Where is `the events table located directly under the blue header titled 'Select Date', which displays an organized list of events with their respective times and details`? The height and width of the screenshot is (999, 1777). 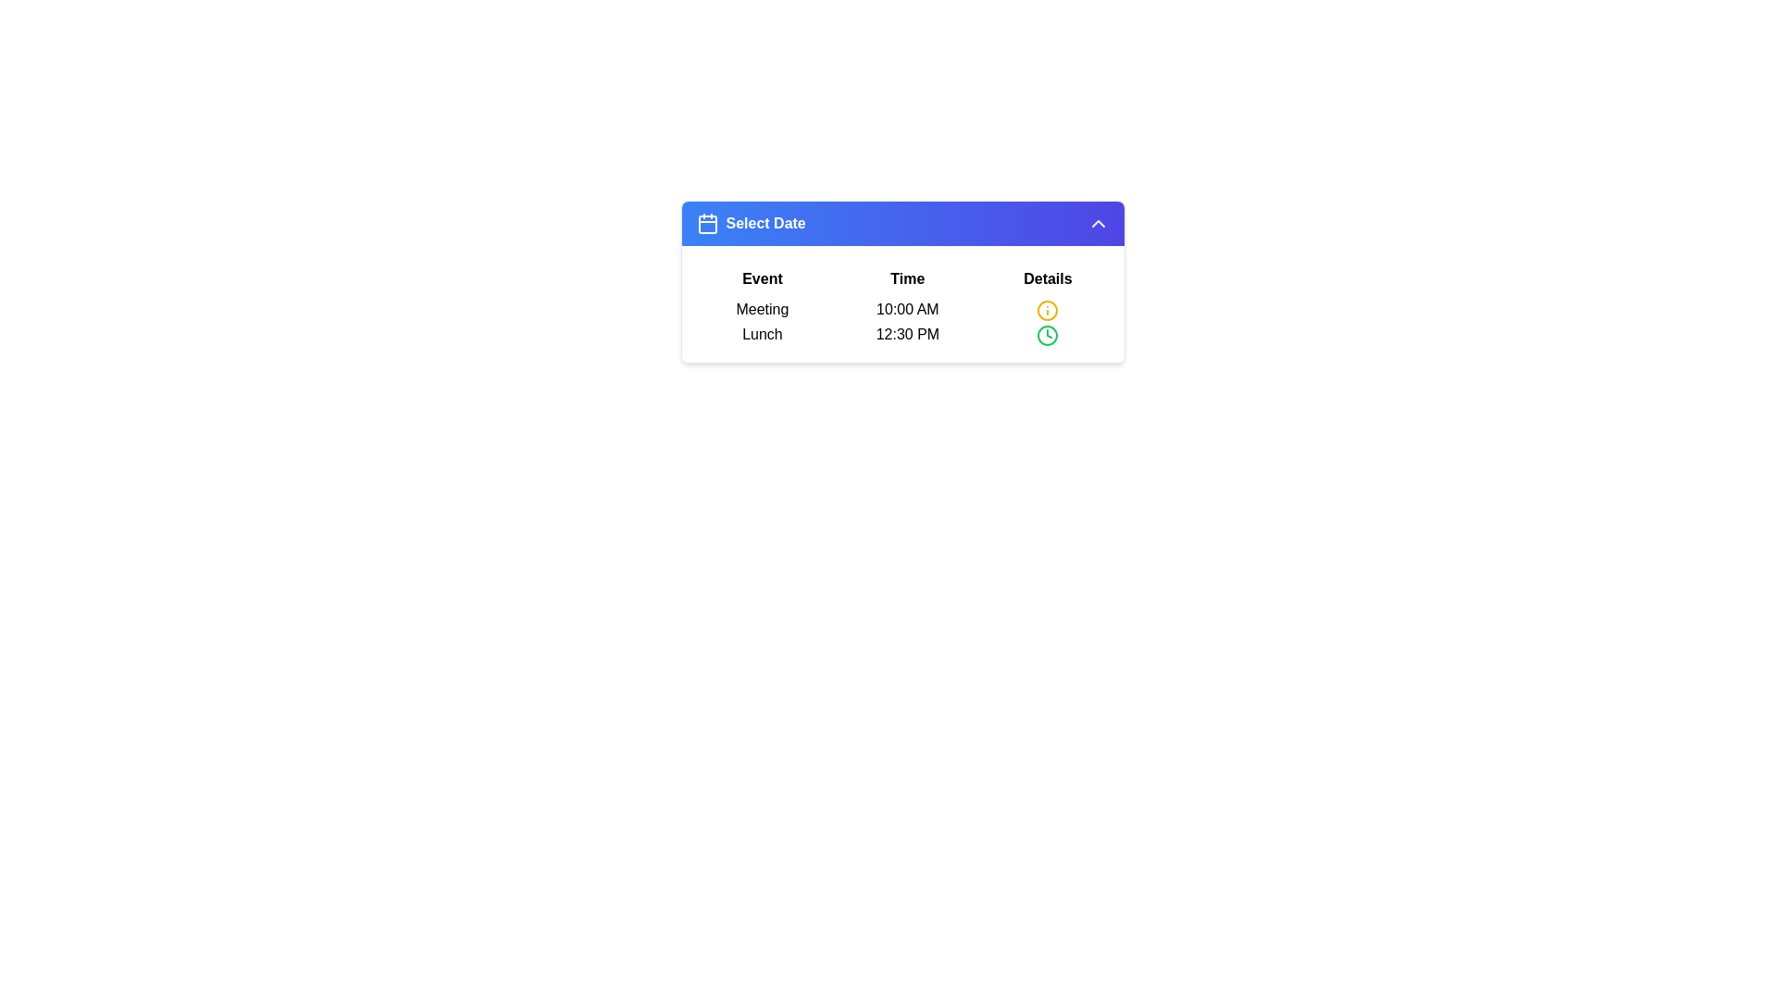 the events table located directly under the blue header titled 'Select Date', which displays an organized list of events with their respective times and details is located at coordinates (902, 302).